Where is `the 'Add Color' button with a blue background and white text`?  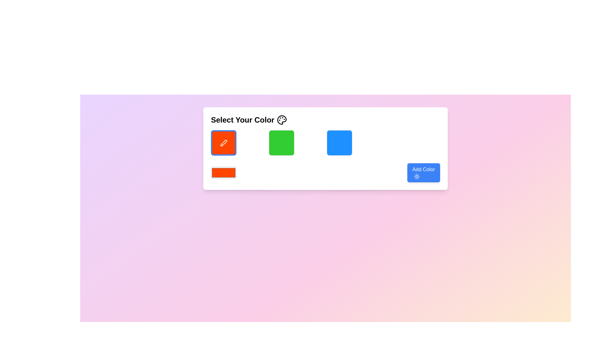 the 'Add Color' button with a blue background and white text is located at coordinates (424, 172).